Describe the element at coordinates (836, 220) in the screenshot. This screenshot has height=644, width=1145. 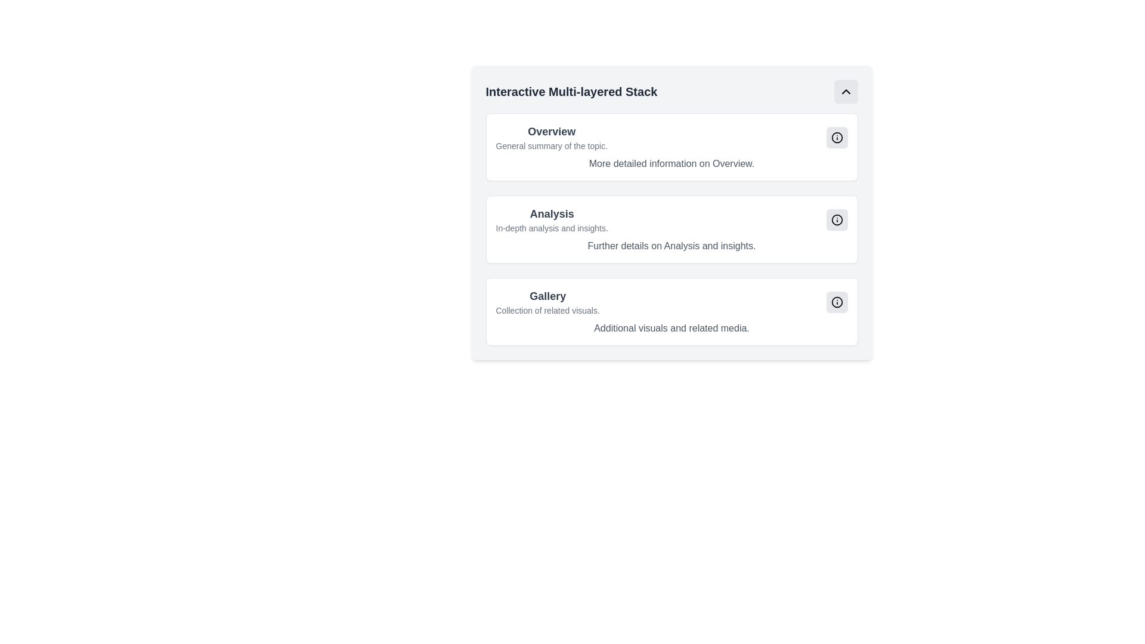
I see `the circular 'i' information icon located in the top-right corner of the 'Analysis' section` at that location.